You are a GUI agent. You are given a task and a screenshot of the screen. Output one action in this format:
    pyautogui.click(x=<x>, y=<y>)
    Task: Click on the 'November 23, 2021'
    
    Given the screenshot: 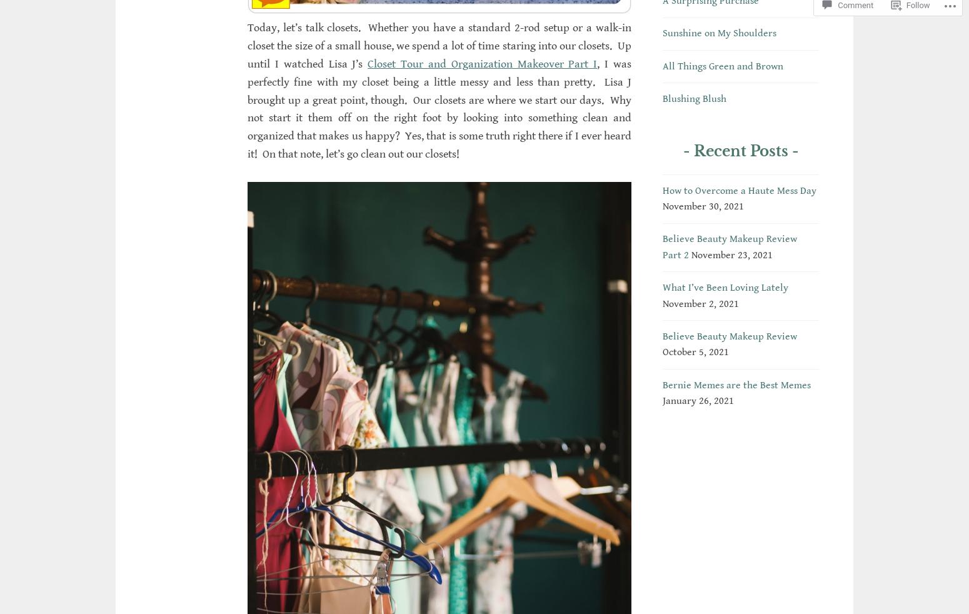 What is the action you would take?
    pyautogui.click(x=732, y=254)
    